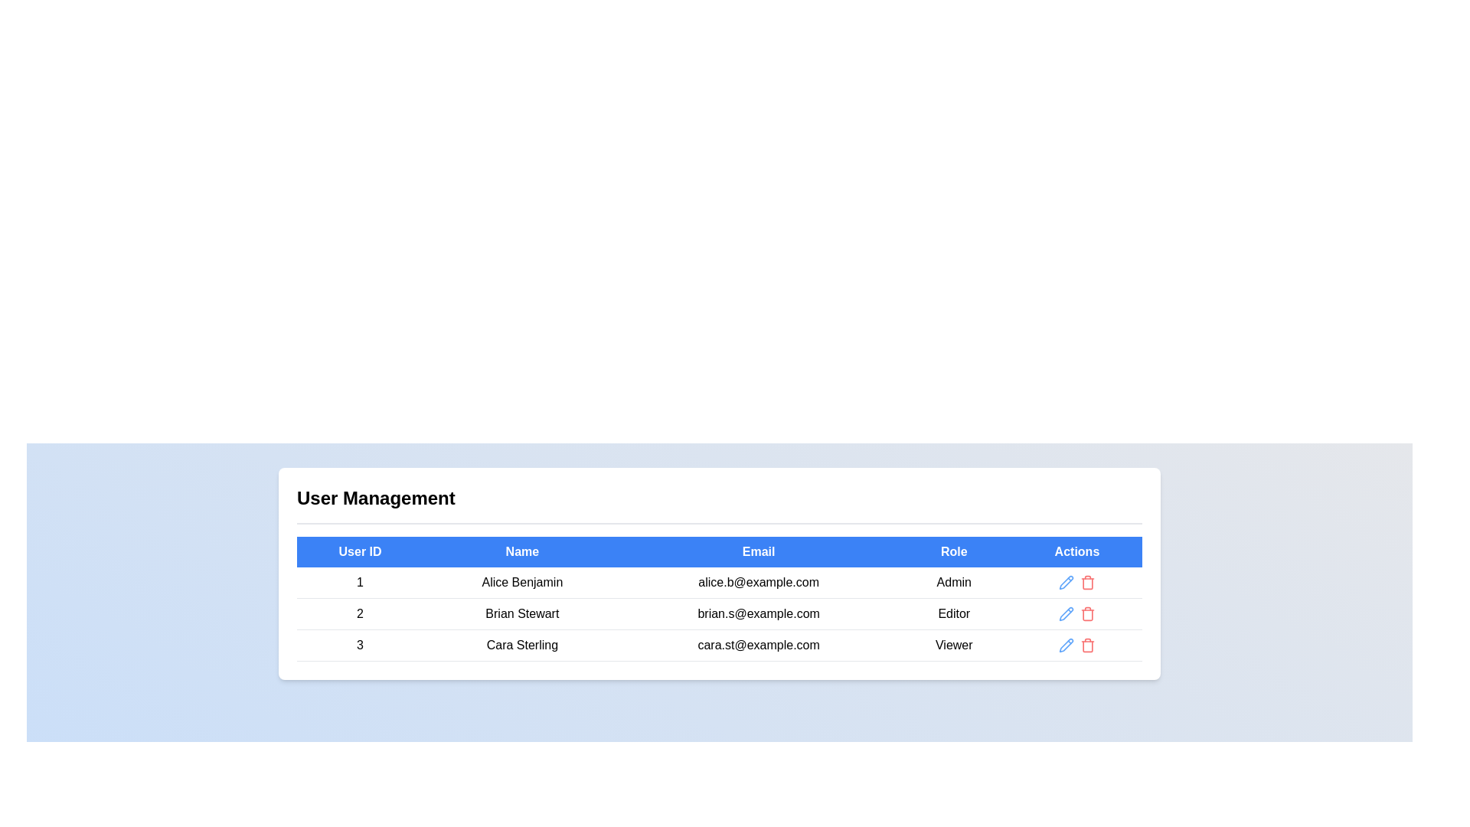 The width and height of the screenshot is (1470, 827). What do you see at coordinates (1076, 646) in the screenshot?
I see `the trash bin icon in the Icon button group located in the last row of the table under the 'Actions' column for the user with the role 'Viewer' and email 'cara.st@example.com'` at bounding box center [1076, 646].